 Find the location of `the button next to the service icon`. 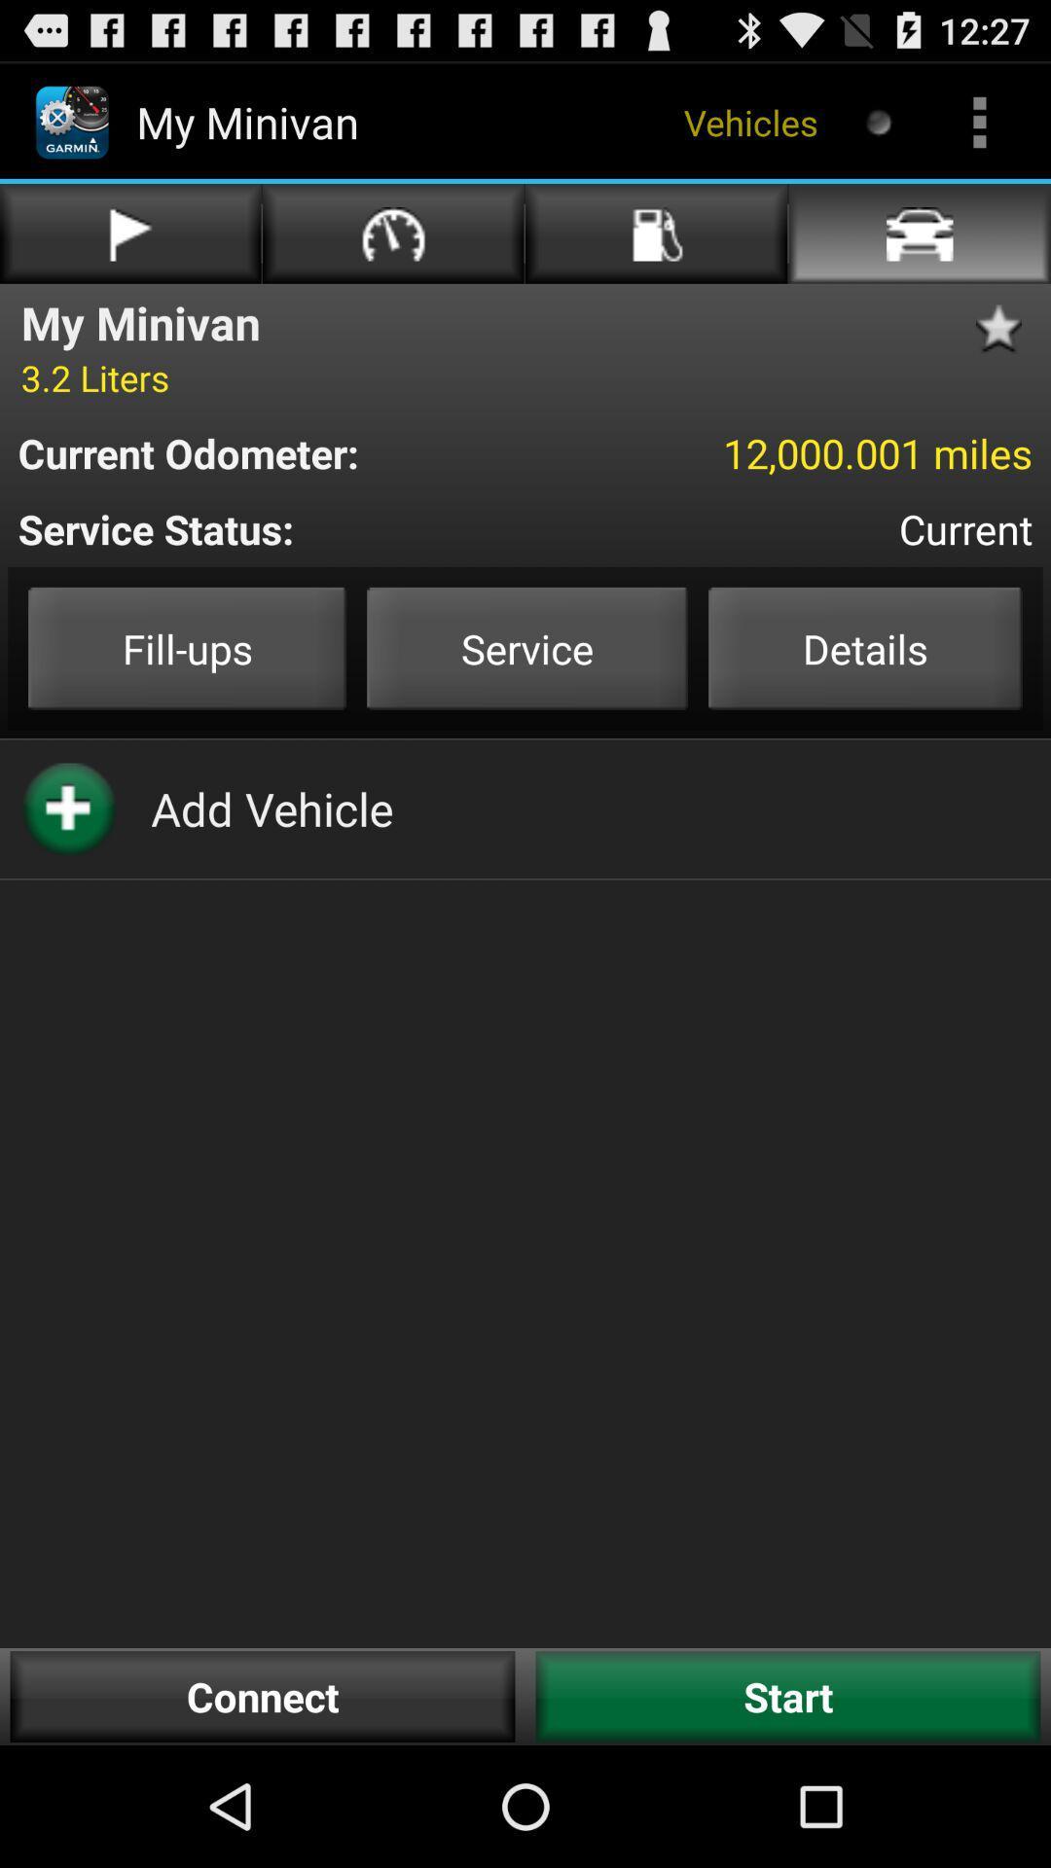

the button next to the service icon is located at coordinates (864, 648).